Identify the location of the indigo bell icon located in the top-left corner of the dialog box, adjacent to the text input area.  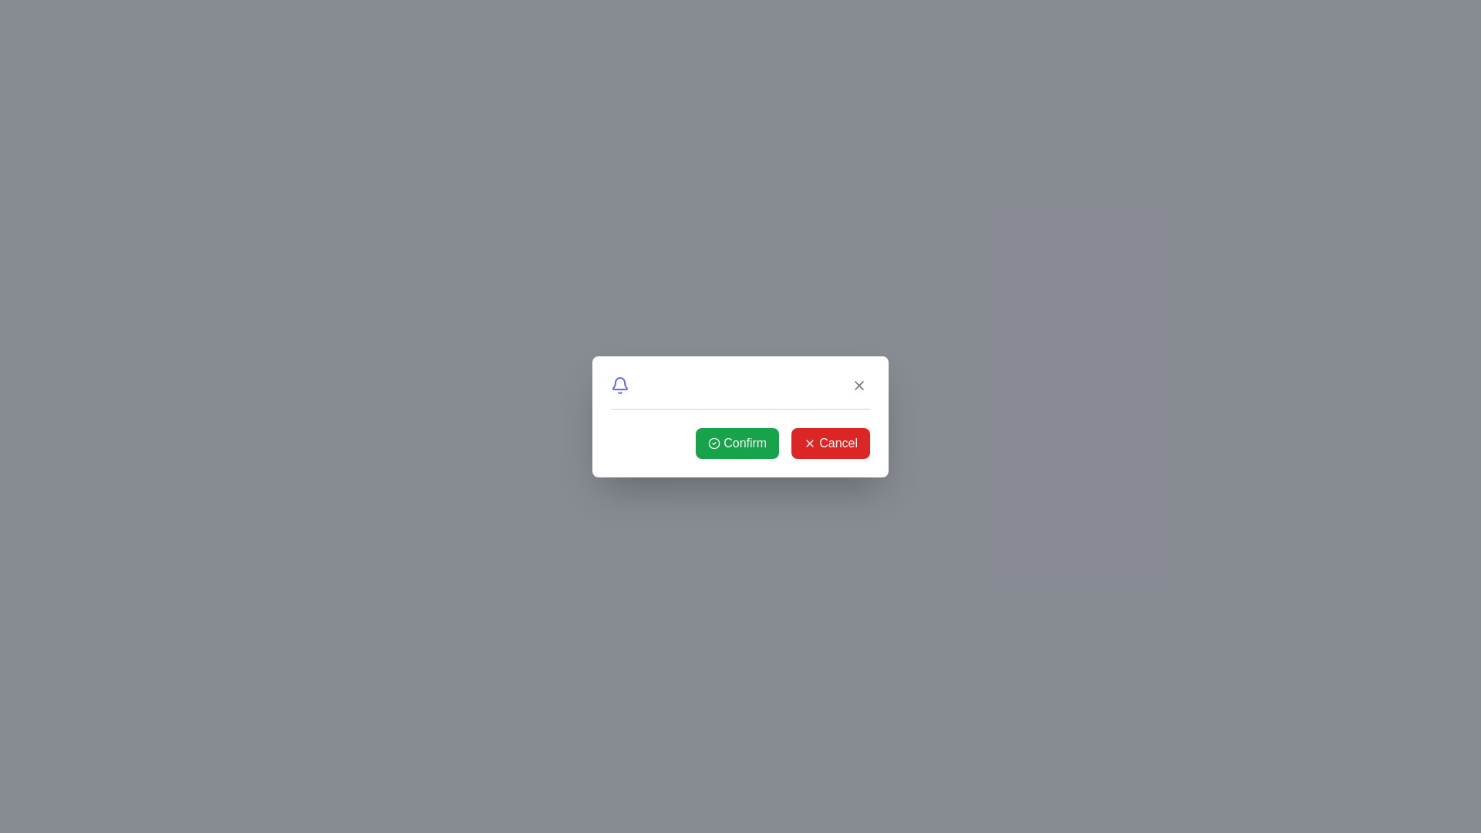
(622, 384).